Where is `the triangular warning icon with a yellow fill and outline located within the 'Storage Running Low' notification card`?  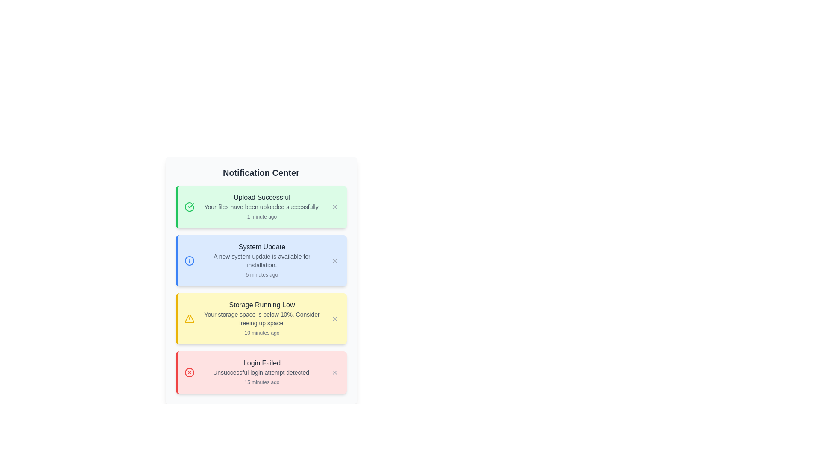 the triangular warning icon with a yellow fill and outline located within the 'Storage Running Low' notification card is located at coordinates (189, 319).